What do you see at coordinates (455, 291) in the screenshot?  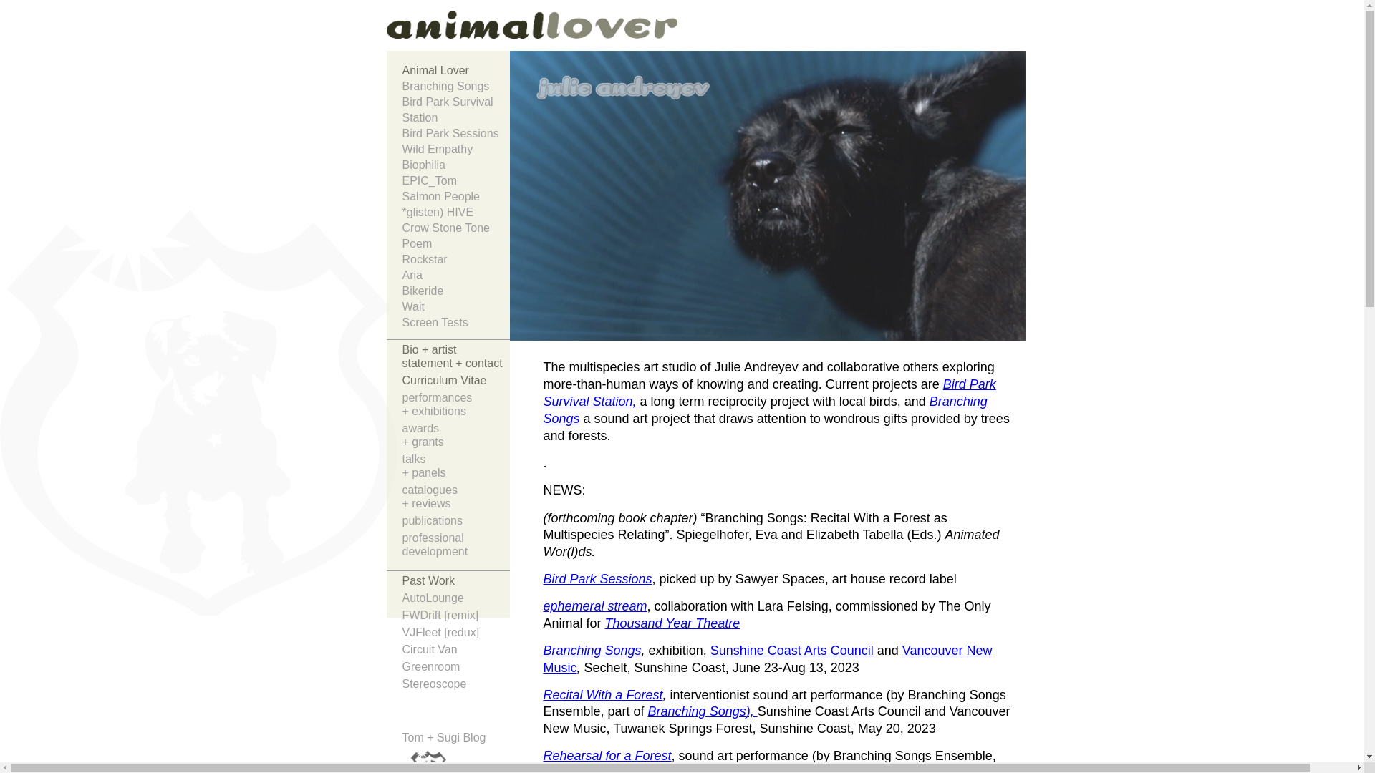 I see `'Bikeride'` at bounding box center [455, 291].